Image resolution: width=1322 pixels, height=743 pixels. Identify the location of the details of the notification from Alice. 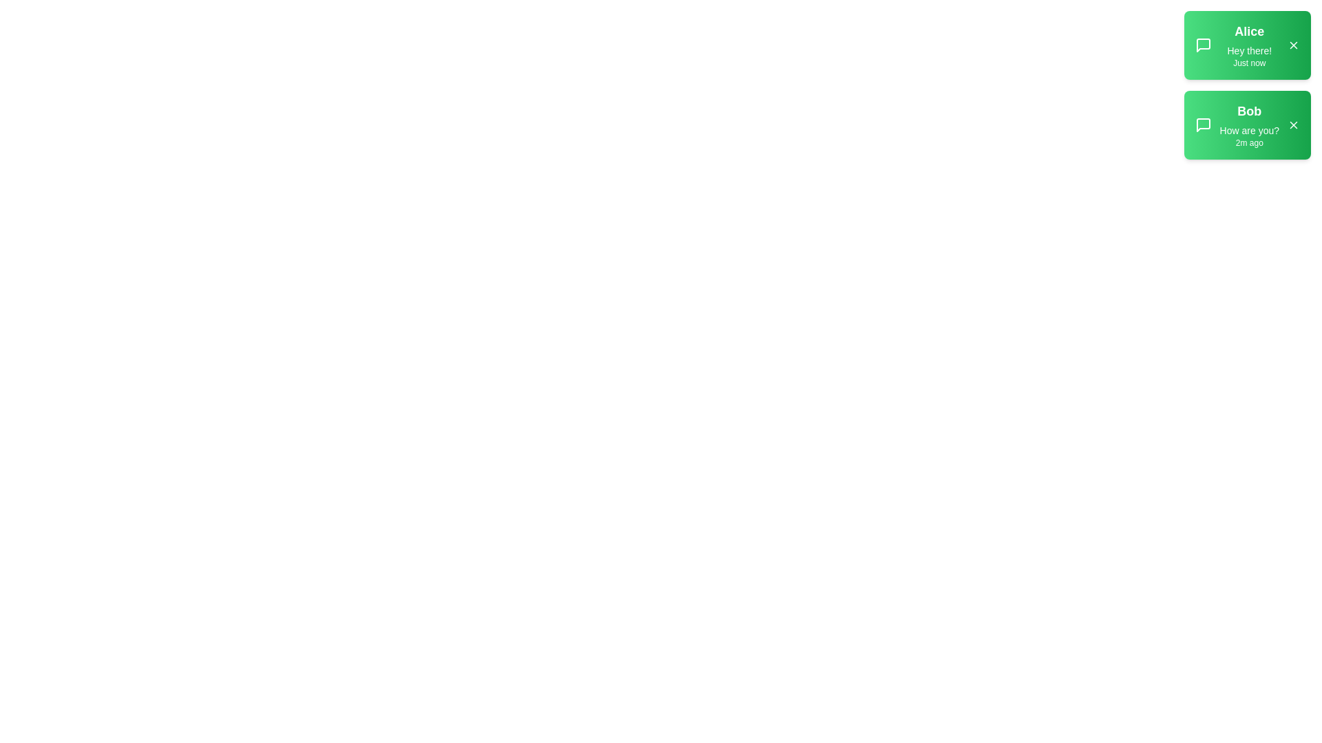
(1247, 44).